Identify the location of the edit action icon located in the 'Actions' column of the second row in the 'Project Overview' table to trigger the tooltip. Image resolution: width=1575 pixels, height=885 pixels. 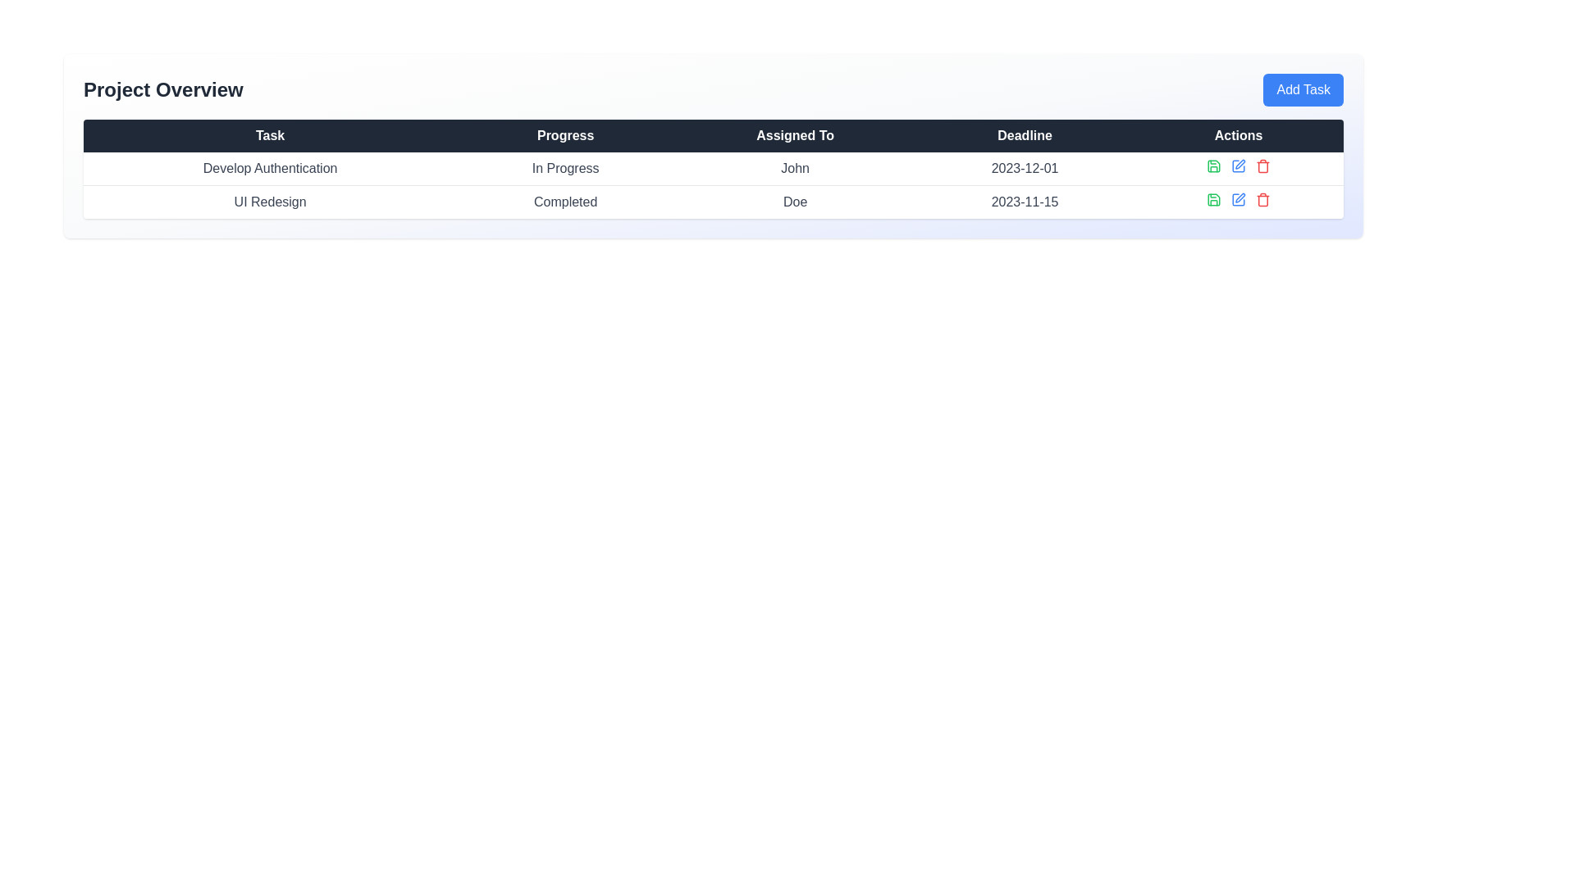
(1239, 198).